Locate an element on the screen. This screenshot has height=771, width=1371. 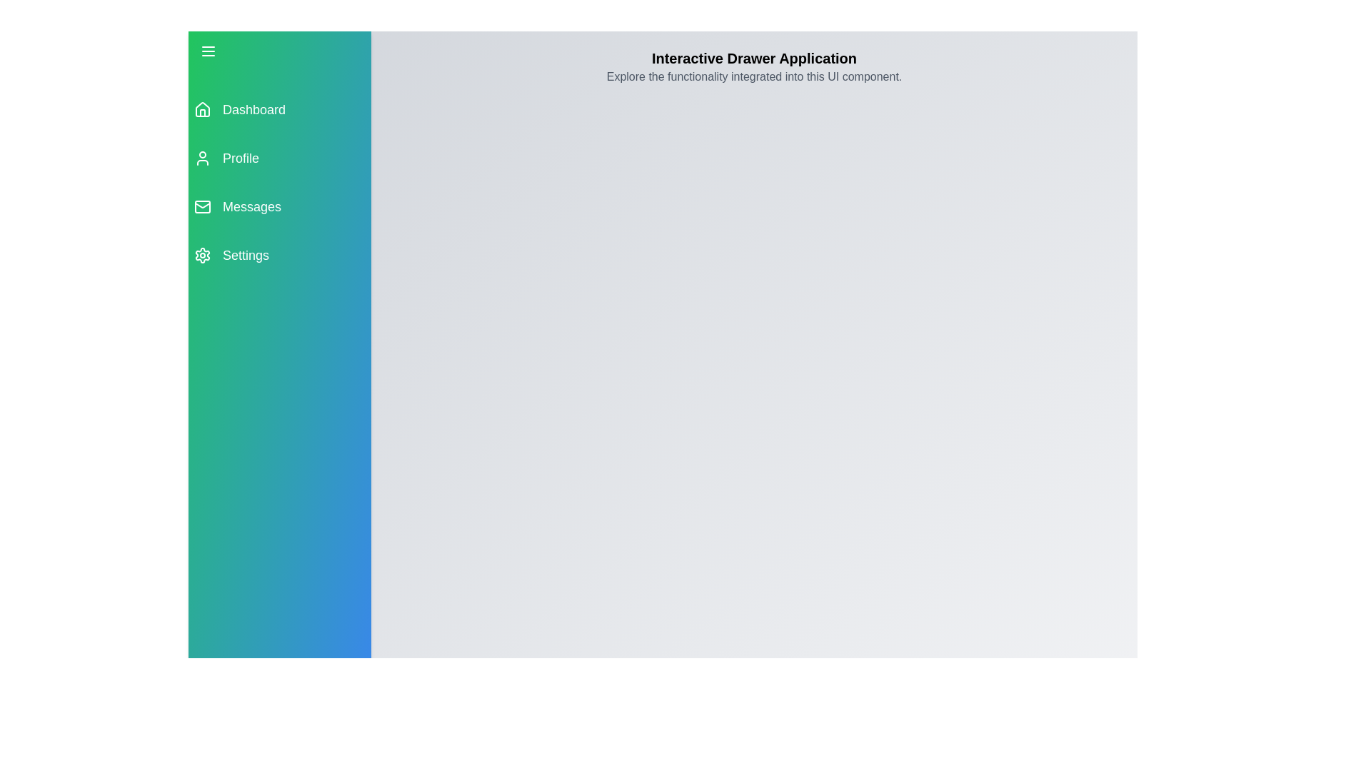
the menu button to toggle the drawer open or closed is located at coordinates (208, 51).